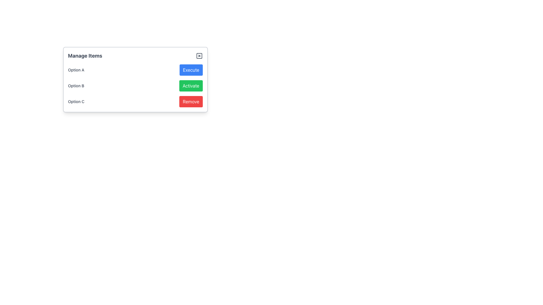 Image resolution: width=543 pixels, height=305 pixels. What do you see at coordinates (199, 56) in the screenshot?
I see `the central square of the 'close' icon` at bounding box center [199, 56].